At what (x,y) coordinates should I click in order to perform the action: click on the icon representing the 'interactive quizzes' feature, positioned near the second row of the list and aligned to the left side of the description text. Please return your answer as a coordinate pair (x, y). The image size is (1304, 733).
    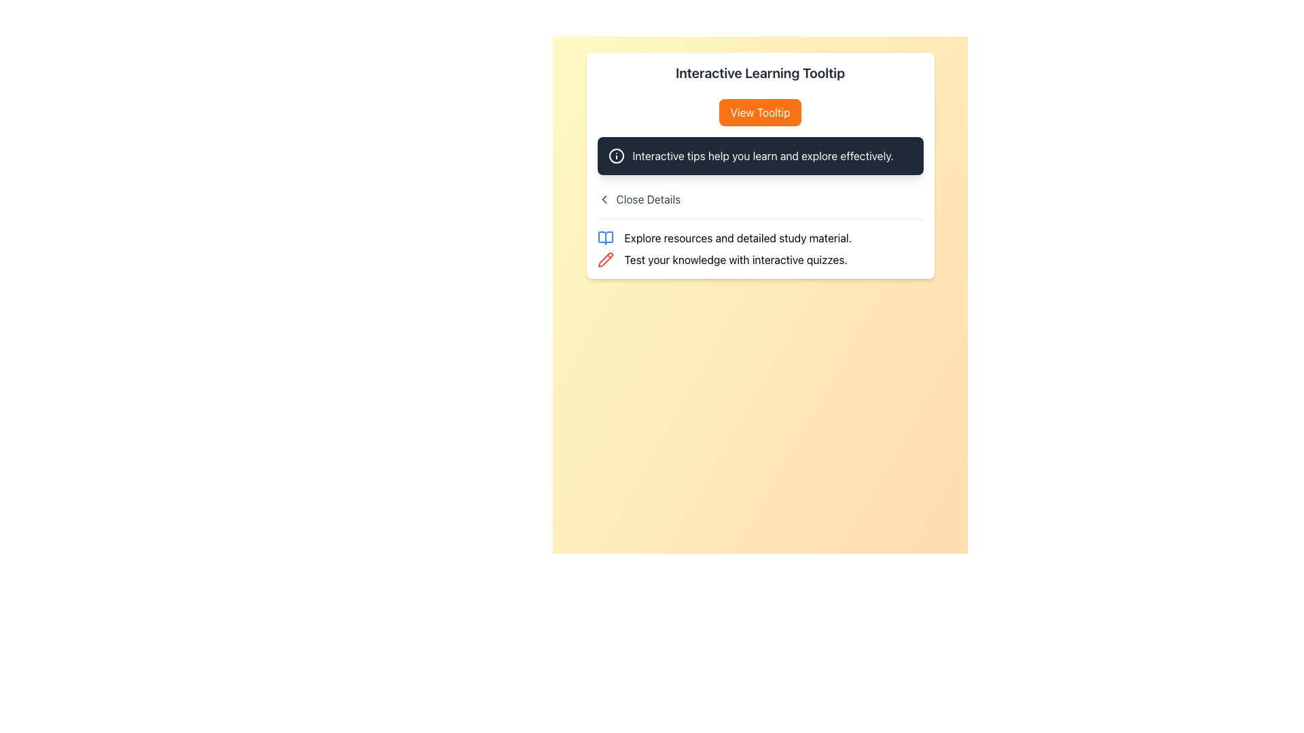
    Looking at the image, I should click on (604, 259).